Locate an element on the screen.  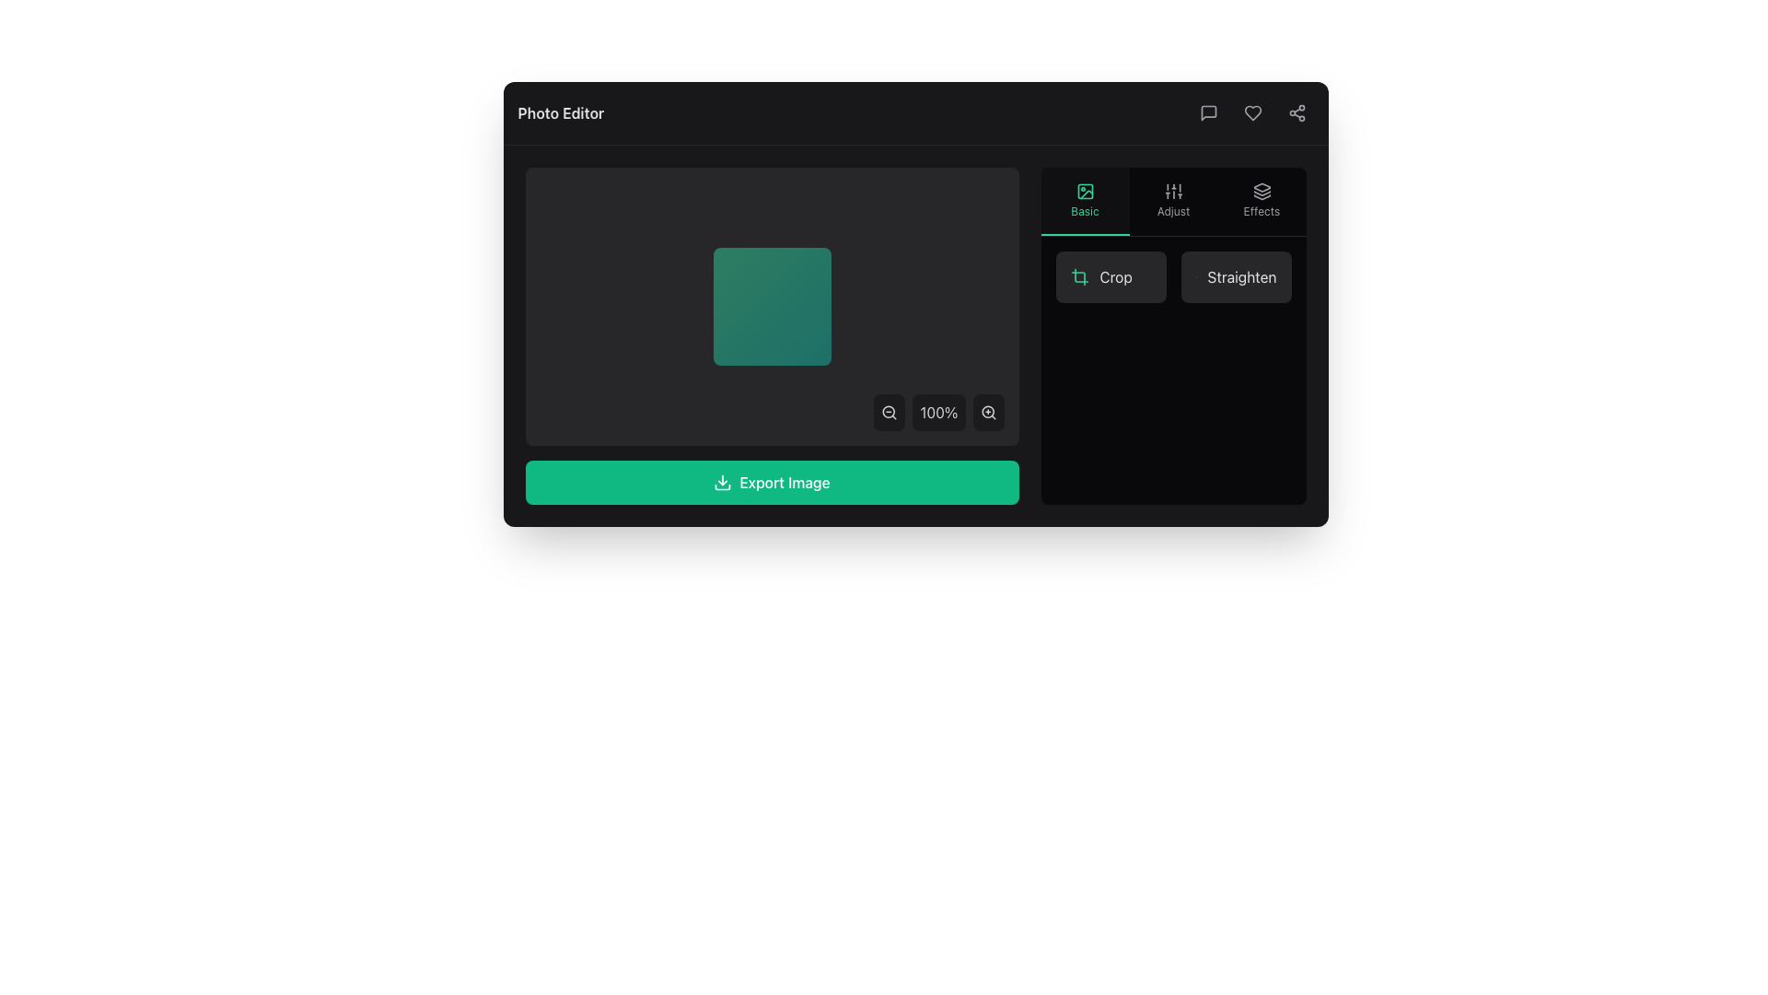
the text label that provides a description for the settings icon, located beneath the sliders icon in a vertical stack of options is located at coordinates (1172, 211).